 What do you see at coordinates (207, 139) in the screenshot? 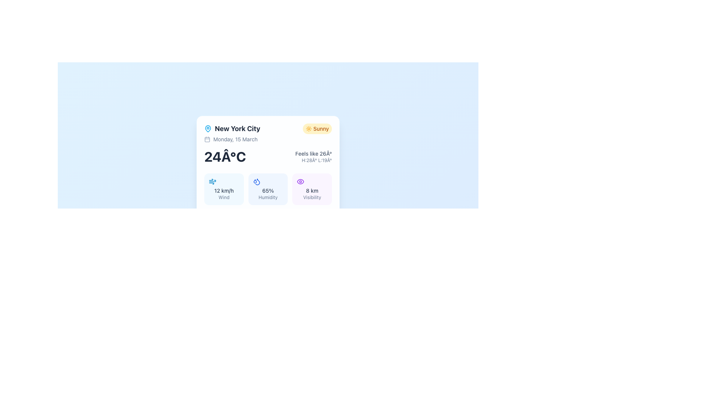
I see `the calendar icon that visually indicates the date 'Monday, 15 March', positioned to the left and slightly above the associated text` at bounding box center [207, 139].